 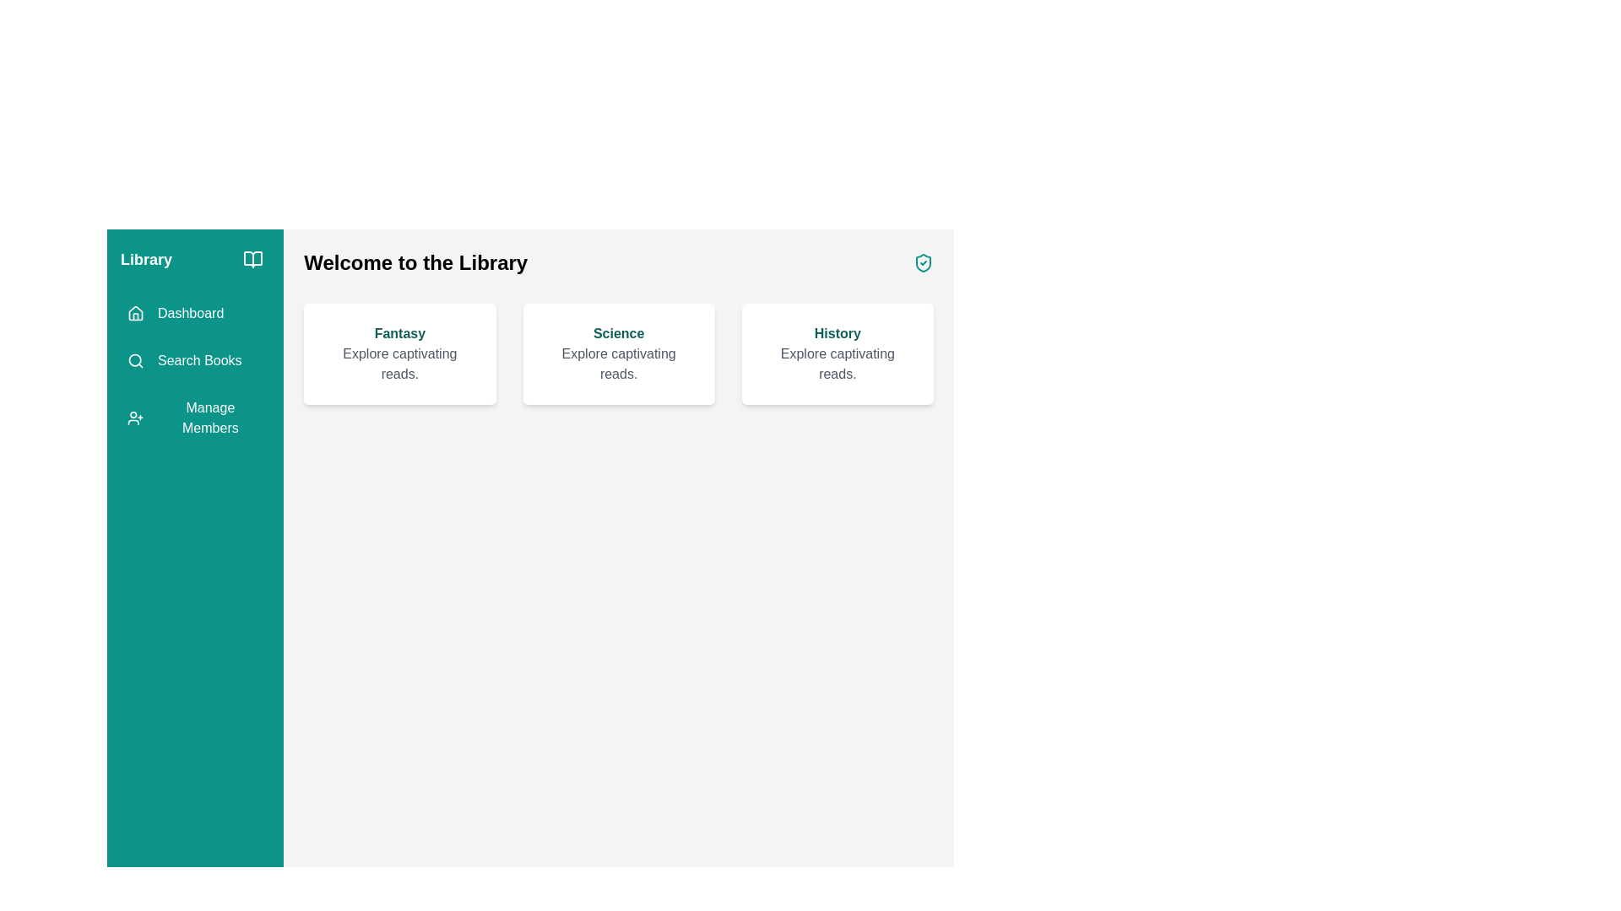 I want to click on the member management navigation label located in the vertical navigation bar below the 'Search Books' menu item, which is the third item in the menu sequence, so click(x=209, y=418).